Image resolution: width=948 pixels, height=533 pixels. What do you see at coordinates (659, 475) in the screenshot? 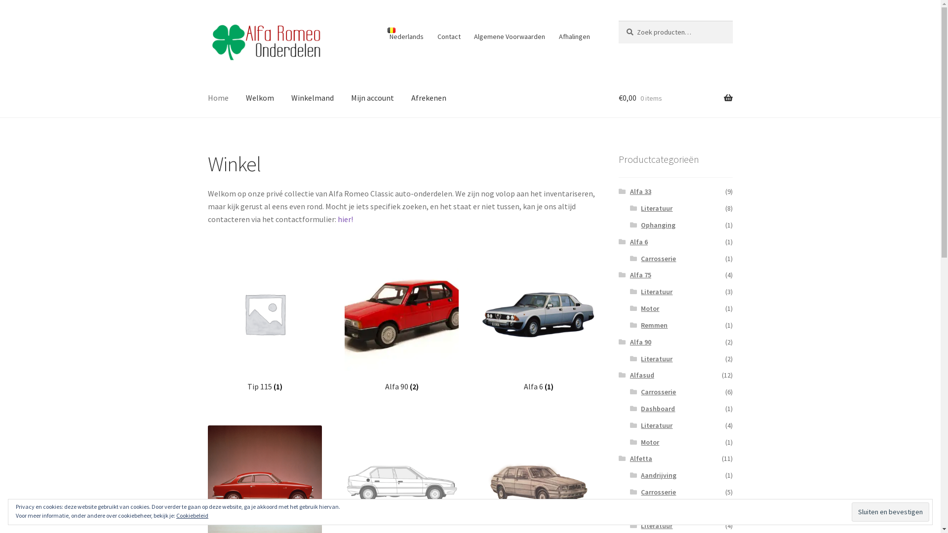
I see `'Aandrijving'` at bounding box center [659, 475].